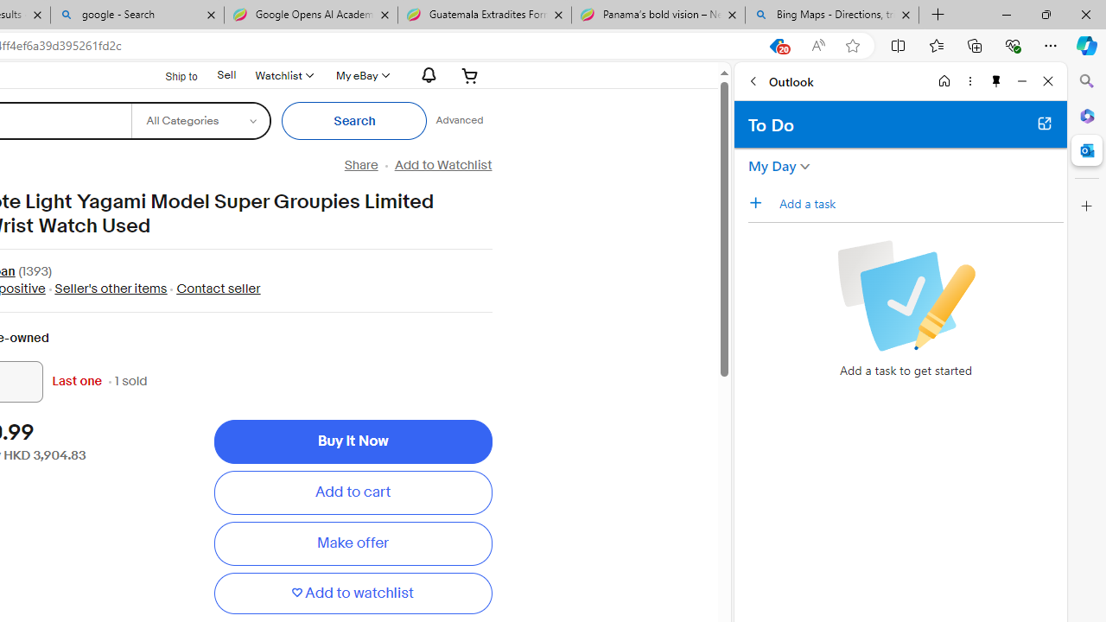 Image resolution: width=1106 pixels, height=622 pixels. What do you see at coordinates (200, 120) in the screenshot?
I see `'Select a category for search'` at bounding box center [200, 120].